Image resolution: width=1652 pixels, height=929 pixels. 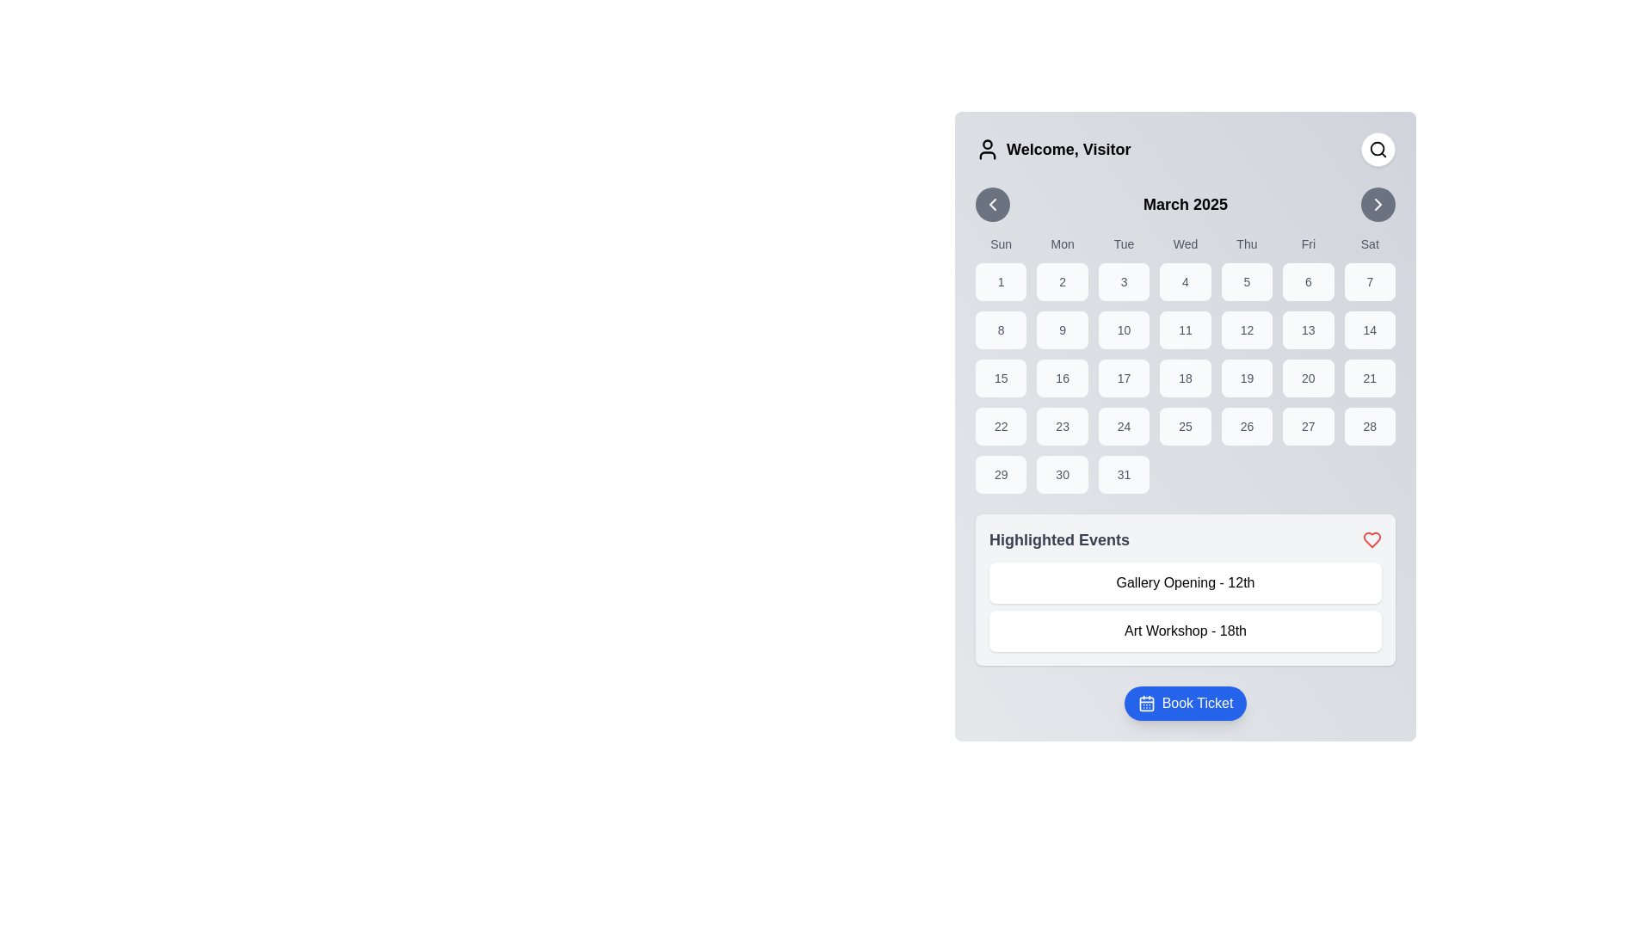 I want to click on the Calendar Day Cell representing the date '2', located in the second column under the 'Mon' header, so click(x=1062, y=280).